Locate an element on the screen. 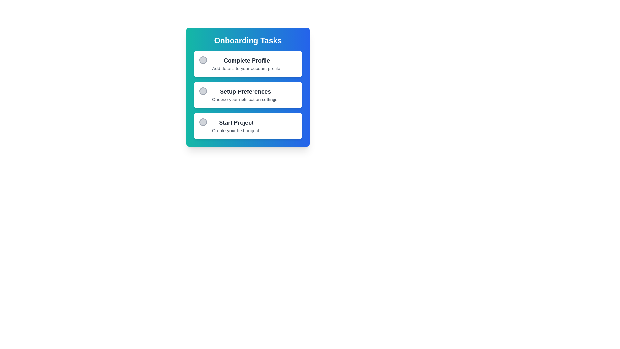 The width and height of the screenshot is (620, 349). the Text block containing the headline 'Setup Preferences' and the subtitle 'Choose your notification settings' to read the text is located at coordinates (245, 95).